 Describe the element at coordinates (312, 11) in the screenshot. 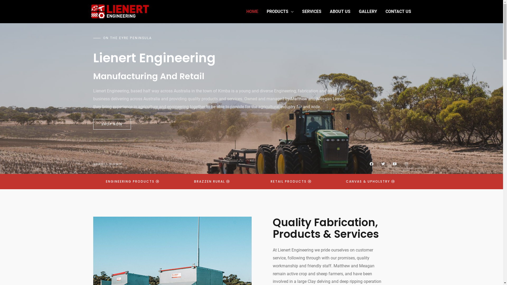

I see `'SERVICES'` at that location.